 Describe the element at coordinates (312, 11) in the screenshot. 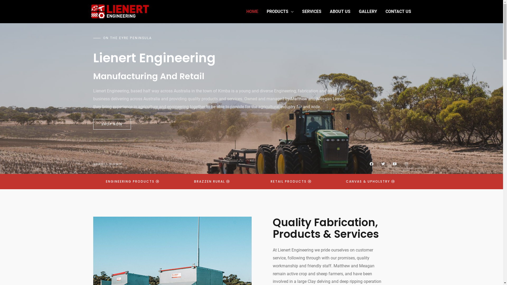

I see `'SERVICES'` at that location.